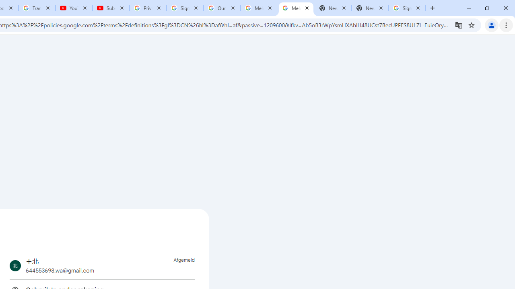  What do you see at coordinates (458, 24) in the screenshot?
I see `'Translate this page'` at bounding box center [458, 24].